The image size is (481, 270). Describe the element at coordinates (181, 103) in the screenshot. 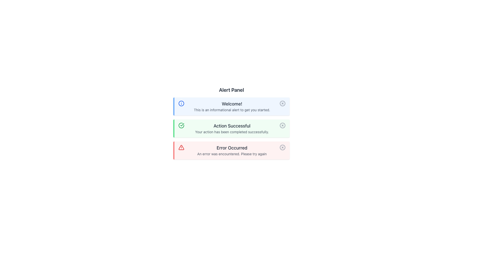

I see `the informational icon represented by a circular icon with a blue outline and an 'i' symbol, located before the text 'Welcome!' in the alert box` at that location.